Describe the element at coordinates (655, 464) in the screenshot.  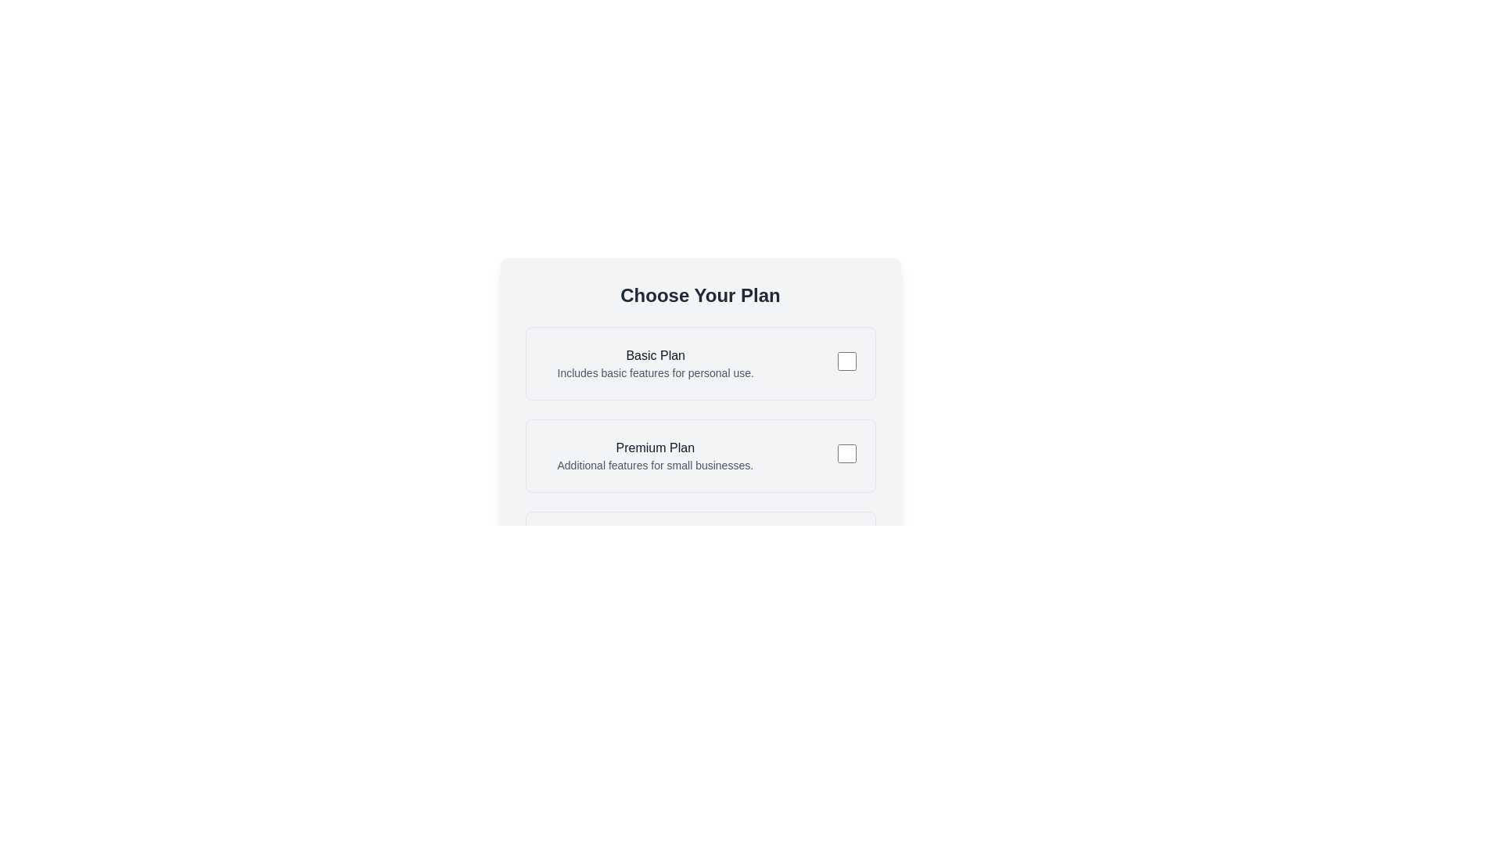
I see `the descriptive text reading 'Additional features for small businesses.' located beneath the 'Premium Plan' heading in the subscription selection interface` at that location.